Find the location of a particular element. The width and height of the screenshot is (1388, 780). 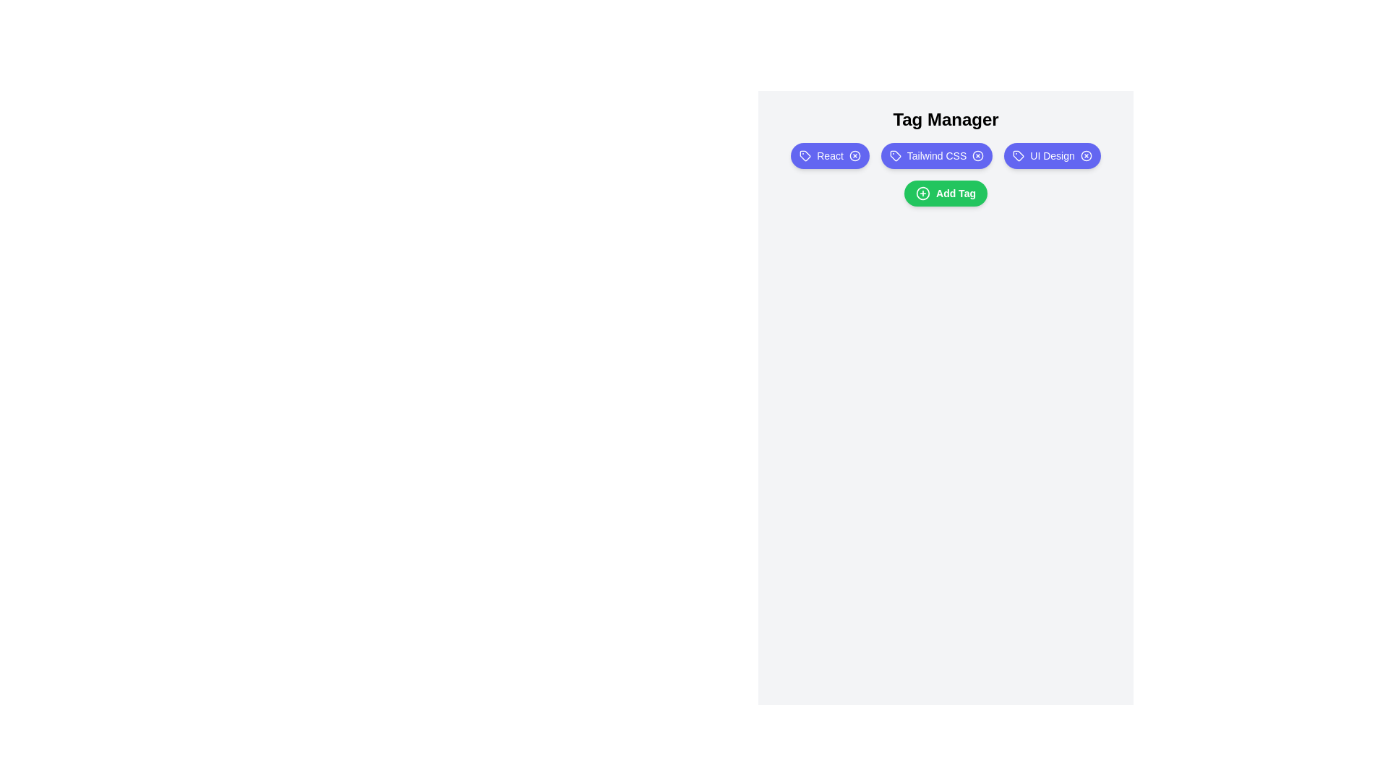

the tag labeled Tailwind CSS by clicking its remove icon is located at coordinates (978, 156).